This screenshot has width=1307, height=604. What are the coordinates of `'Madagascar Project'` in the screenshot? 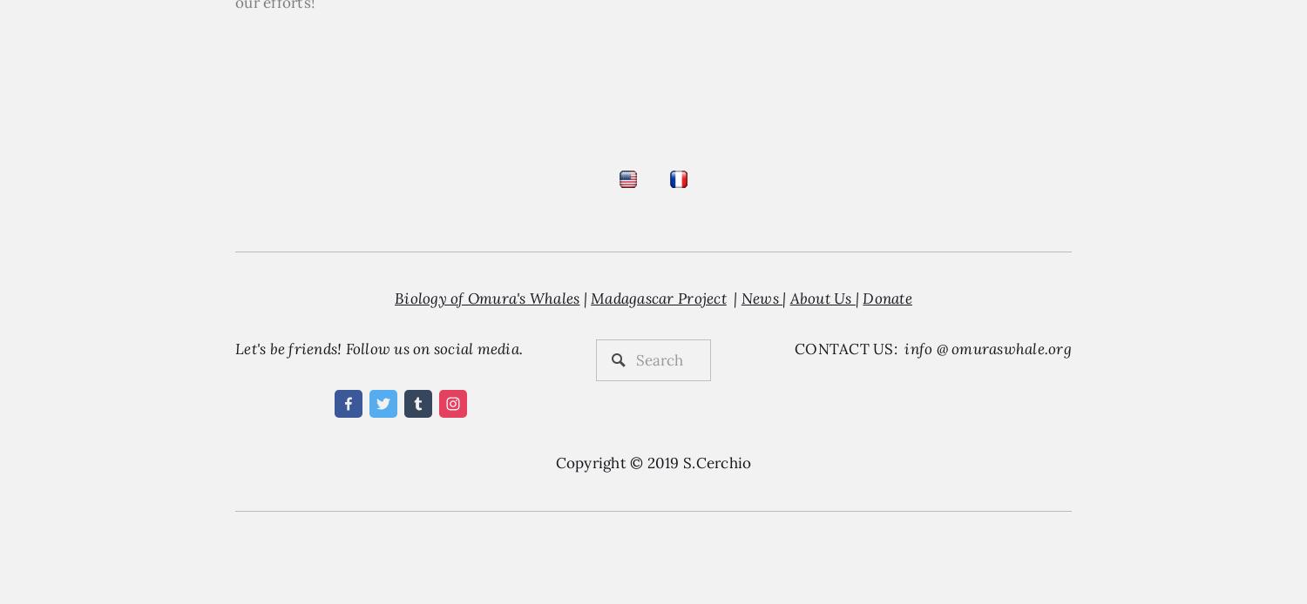 It's located at (658, 297).